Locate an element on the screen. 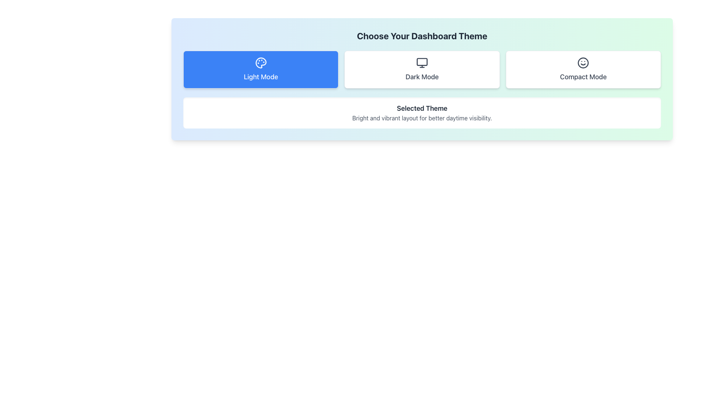 The image size is (711, 400). the 'Compact Mode' icon, which is centrally aligned above the 'Compact Mode' label text in the third column of the theme selection interface is located at coordinates (583, 62).